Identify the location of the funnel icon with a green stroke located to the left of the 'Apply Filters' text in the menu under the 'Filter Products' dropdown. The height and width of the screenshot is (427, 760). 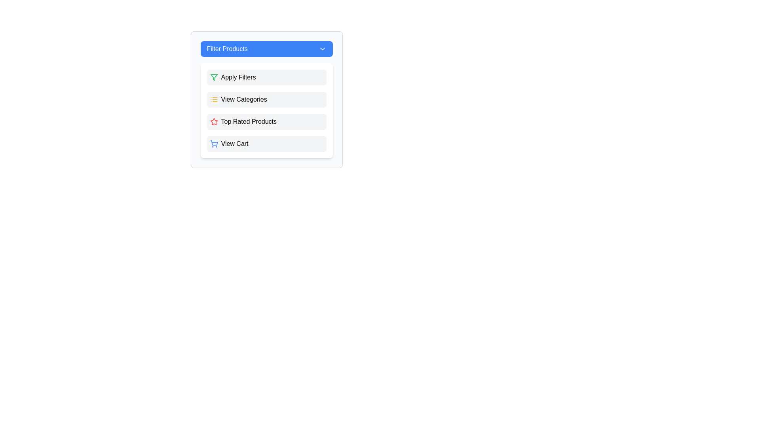
(214, 77).